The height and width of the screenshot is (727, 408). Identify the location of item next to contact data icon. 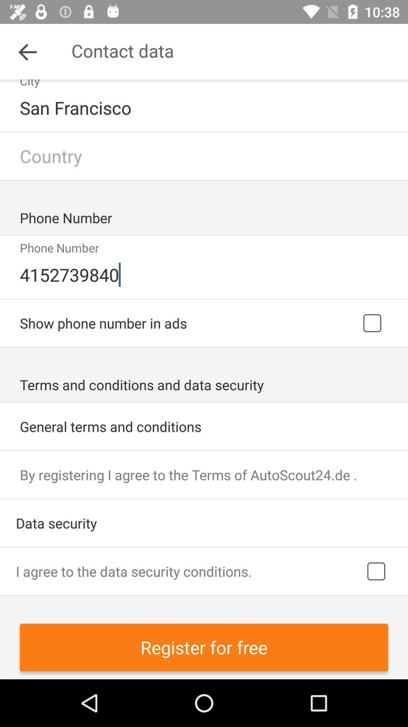
(27, 51).